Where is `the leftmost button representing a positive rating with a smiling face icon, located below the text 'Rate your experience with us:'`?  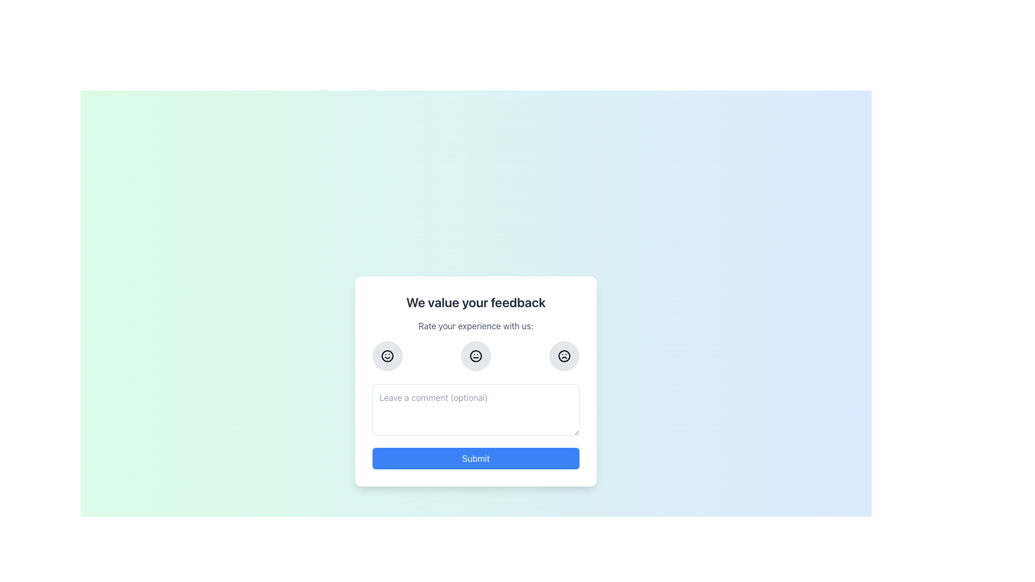 the leftmost button representing a positive rating with a smiling face icon, located below the text 'Rate your experience with us:' is located at coordinates (388, 356).